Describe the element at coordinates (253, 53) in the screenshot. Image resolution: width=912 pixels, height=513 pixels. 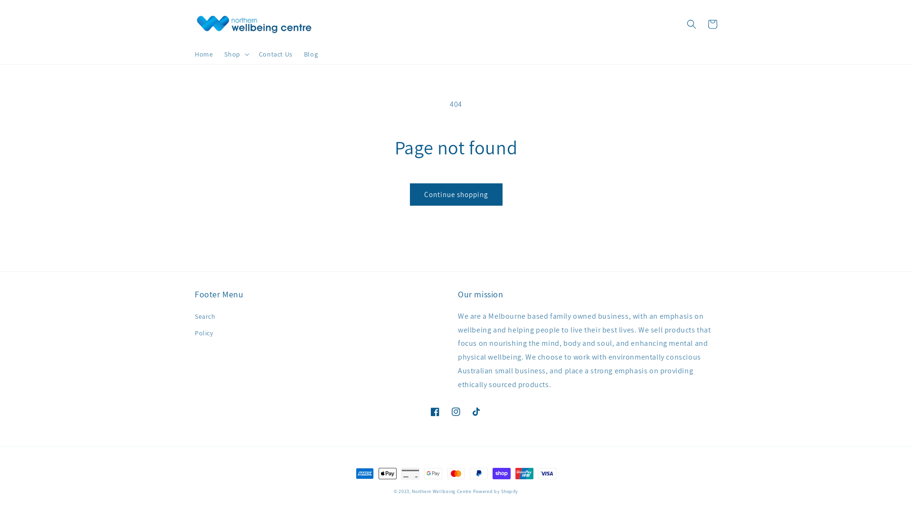
I see `'Contact Us'` at that location.